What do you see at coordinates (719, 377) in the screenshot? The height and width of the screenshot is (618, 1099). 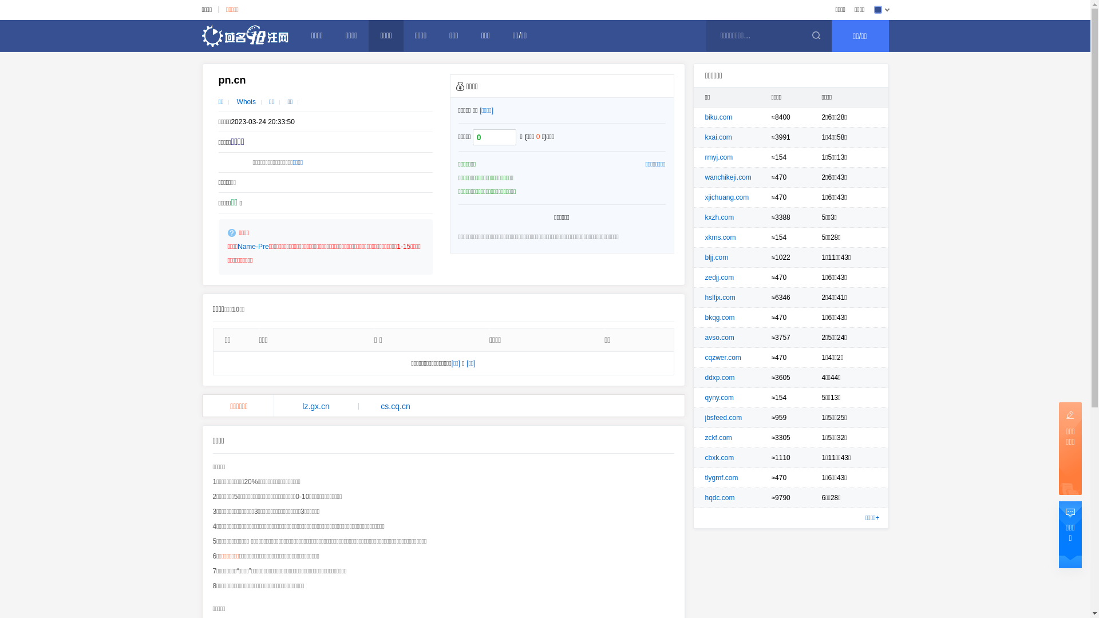 I see `'ddxp.com'` at bounding box center [719, 377].